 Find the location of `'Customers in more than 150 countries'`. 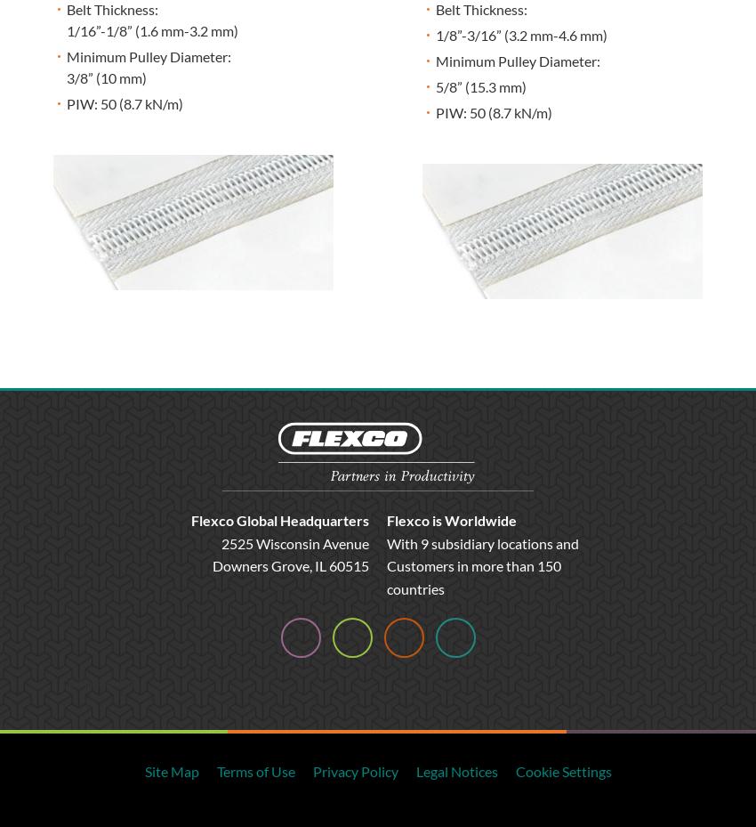

'Customers in more than 150 countries' is located at coordinates (473, 575).